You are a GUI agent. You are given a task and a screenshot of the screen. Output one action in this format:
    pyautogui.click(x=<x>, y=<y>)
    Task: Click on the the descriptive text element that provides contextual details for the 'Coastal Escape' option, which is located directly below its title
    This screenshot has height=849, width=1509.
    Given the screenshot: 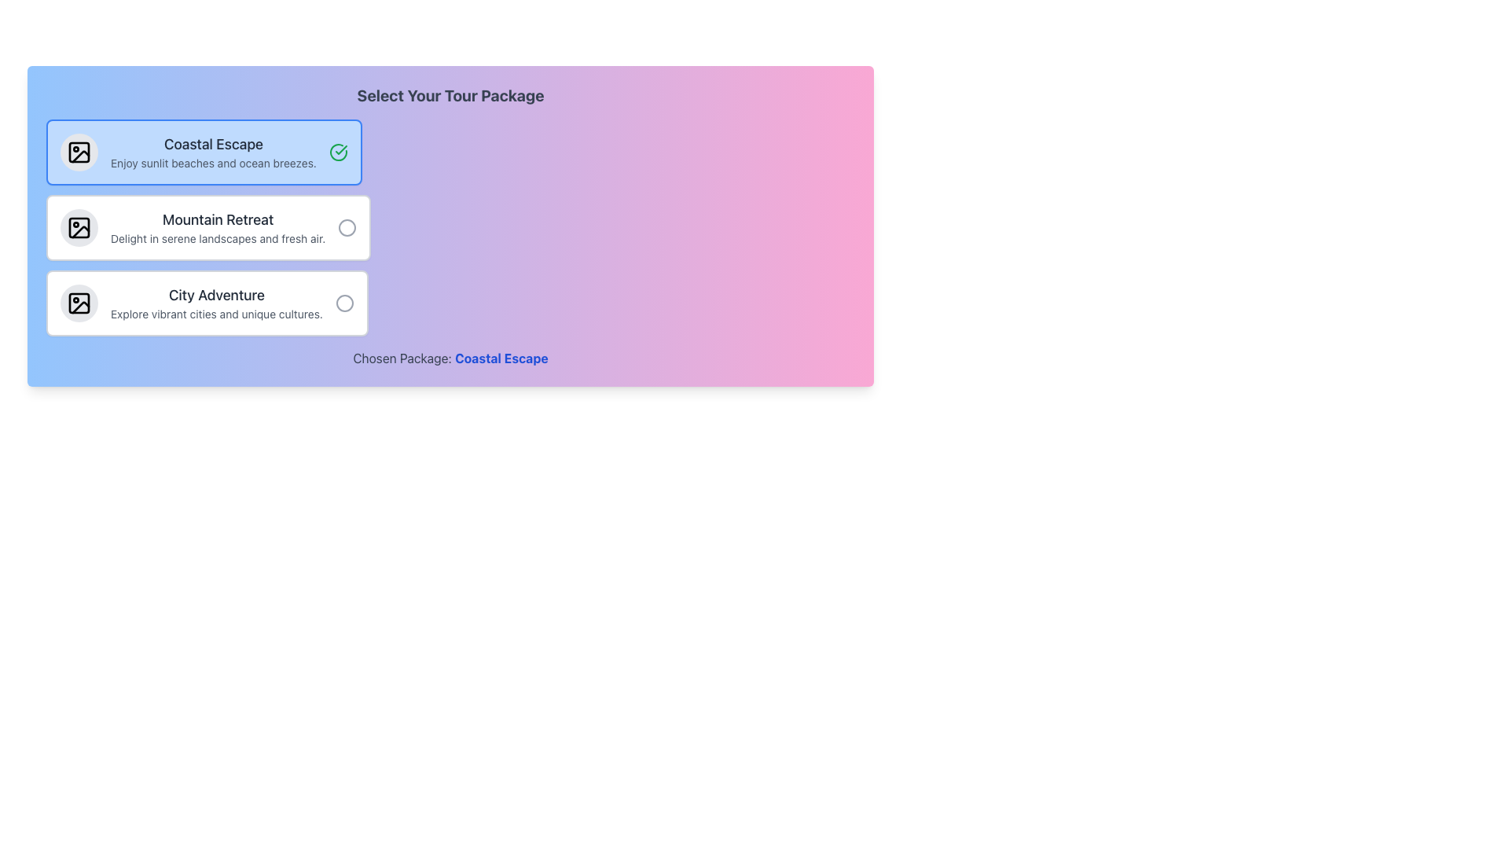 What is the action you would take?
    pyautogui.click(x=212, y=164)
    